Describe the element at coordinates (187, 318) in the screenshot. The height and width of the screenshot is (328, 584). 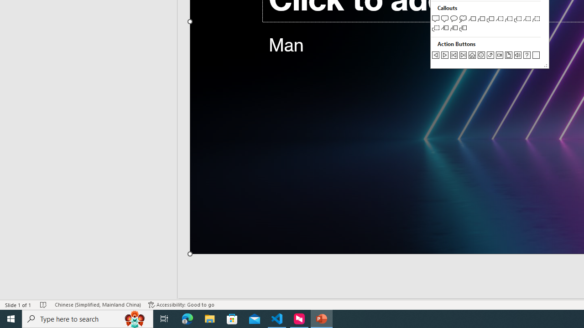
I see `'Microsoft Edge'` at that location.